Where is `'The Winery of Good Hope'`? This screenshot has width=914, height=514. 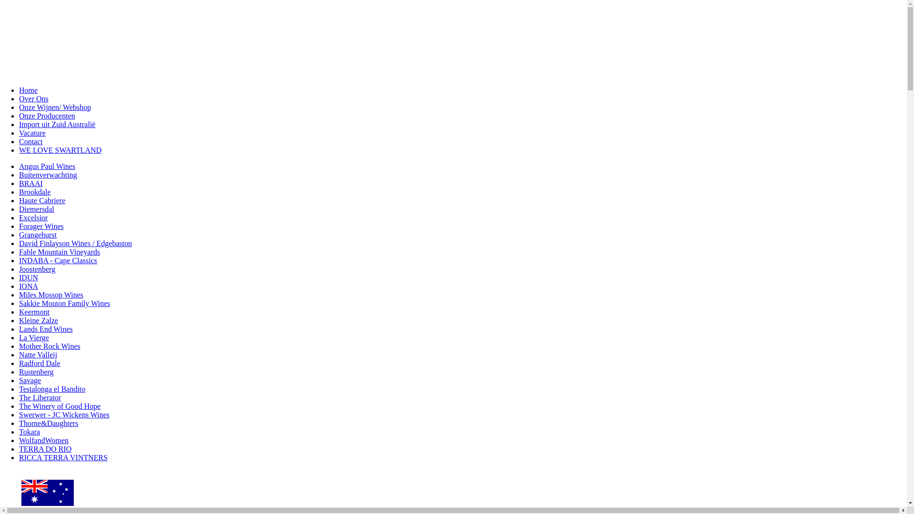
'The Winery of Good Hope' is located at coordinates (19, 406).